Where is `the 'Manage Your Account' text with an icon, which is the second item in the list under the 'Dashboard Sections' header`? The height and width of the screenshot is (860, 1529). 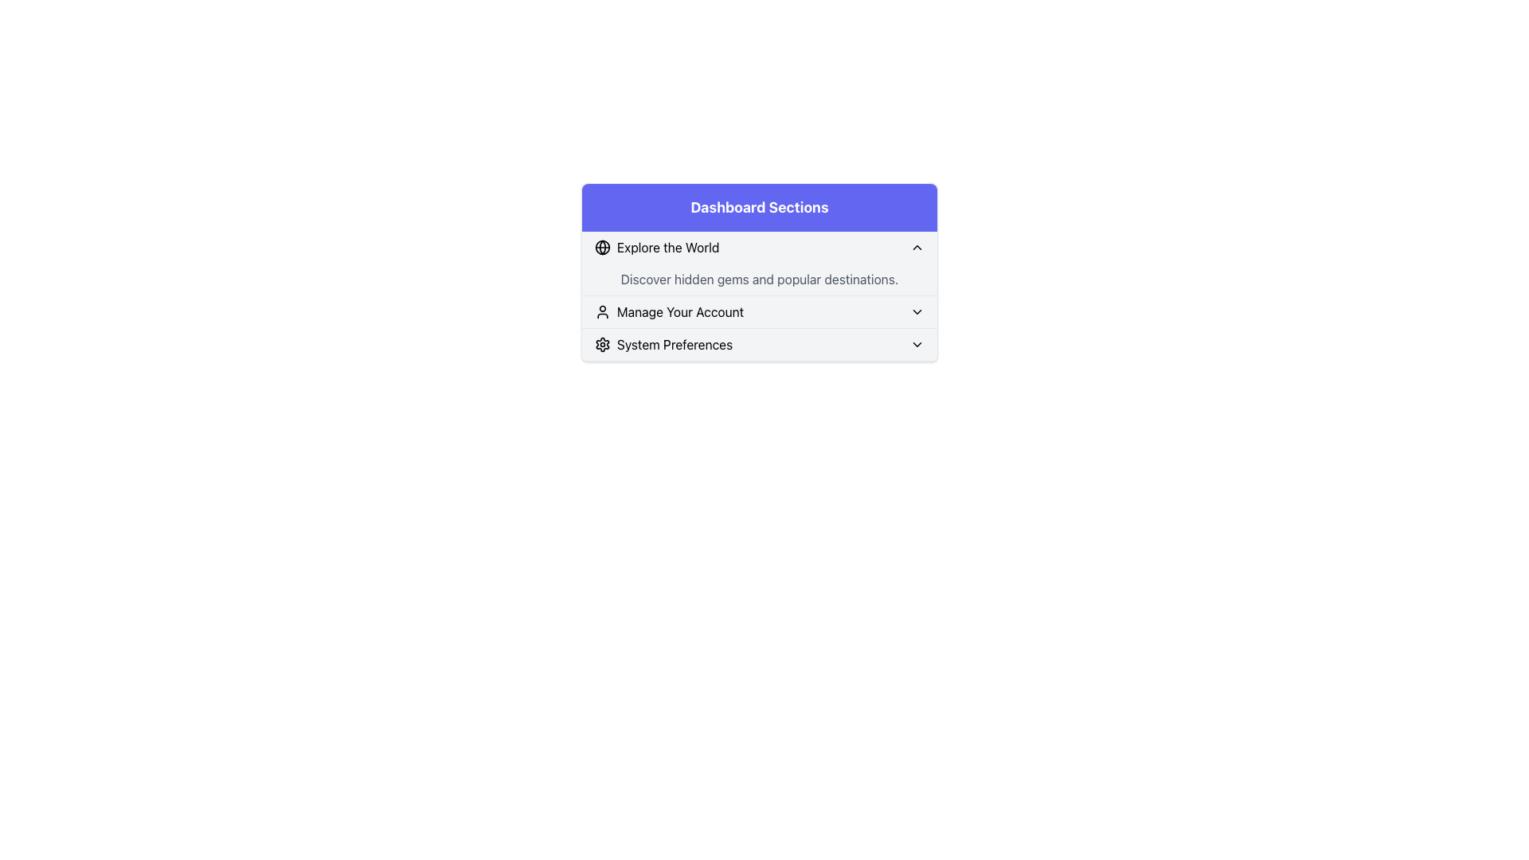
the 'Manage Your Account' text with an icon, which is the second item in the list under the 'Dashboard Sections' header is located at coordinates (669, 312).